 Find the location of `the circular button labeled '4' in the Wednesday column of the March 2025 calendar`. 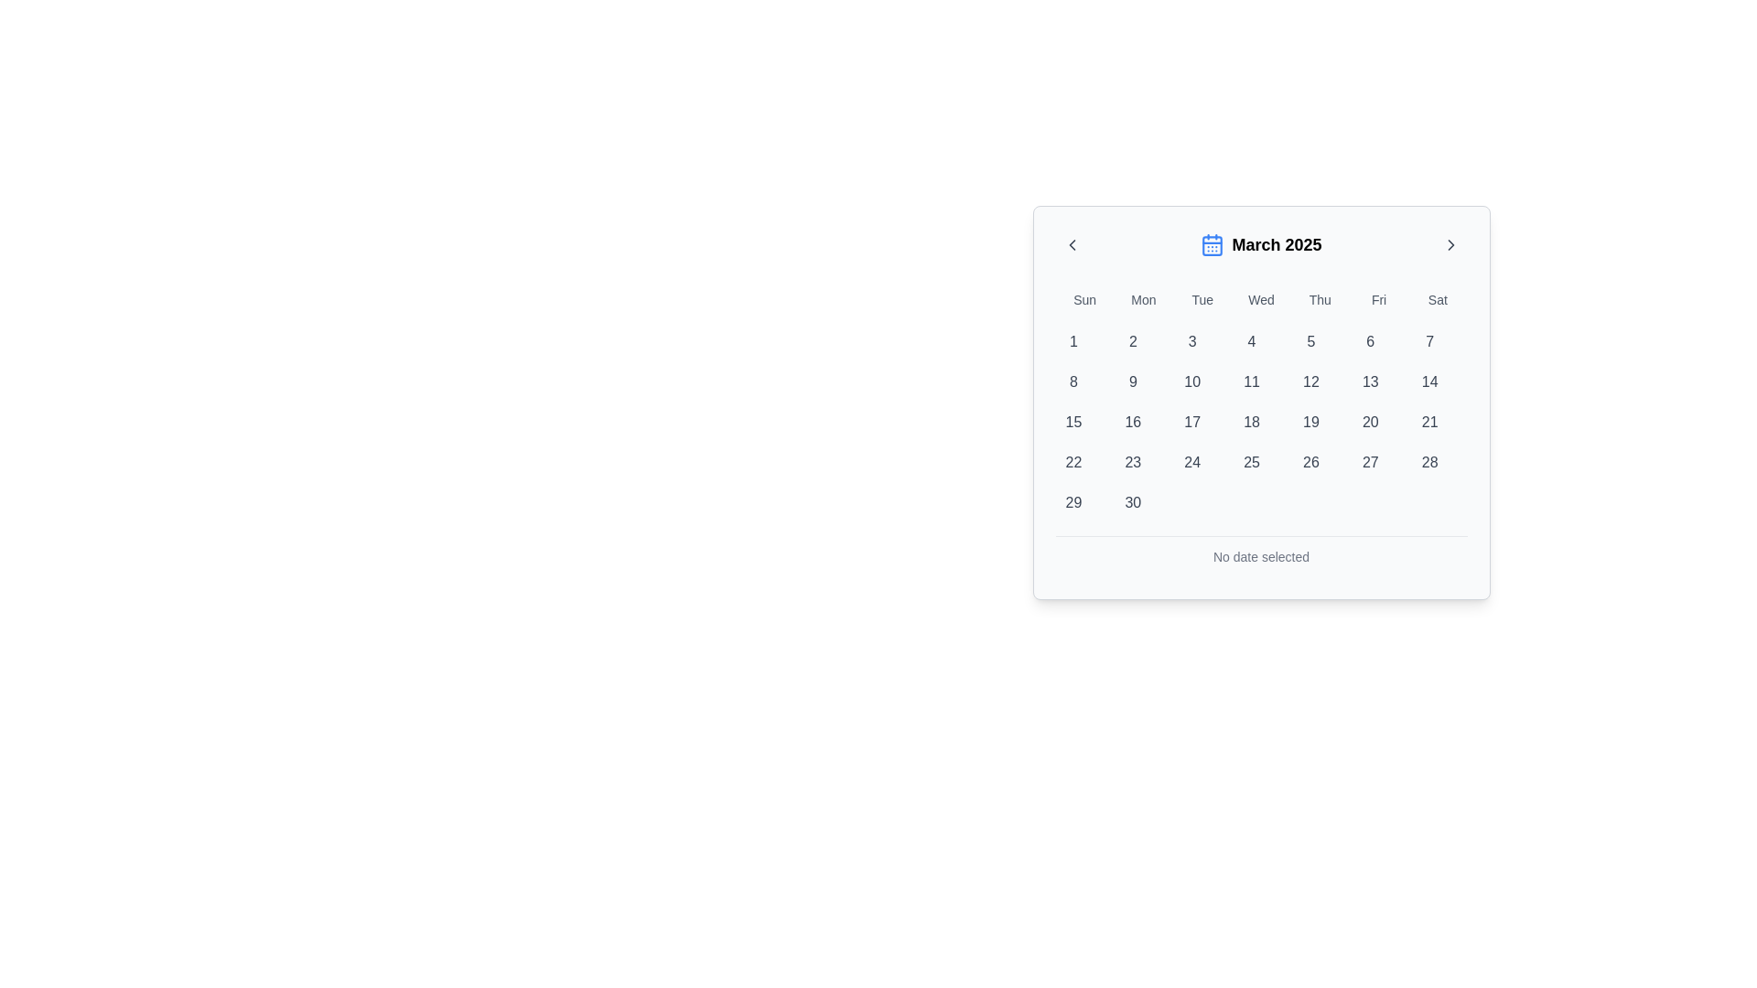

the circular button labeled '4' in the Wednesday column of the March 2025 calendar is located at coordinates (1251, 342).